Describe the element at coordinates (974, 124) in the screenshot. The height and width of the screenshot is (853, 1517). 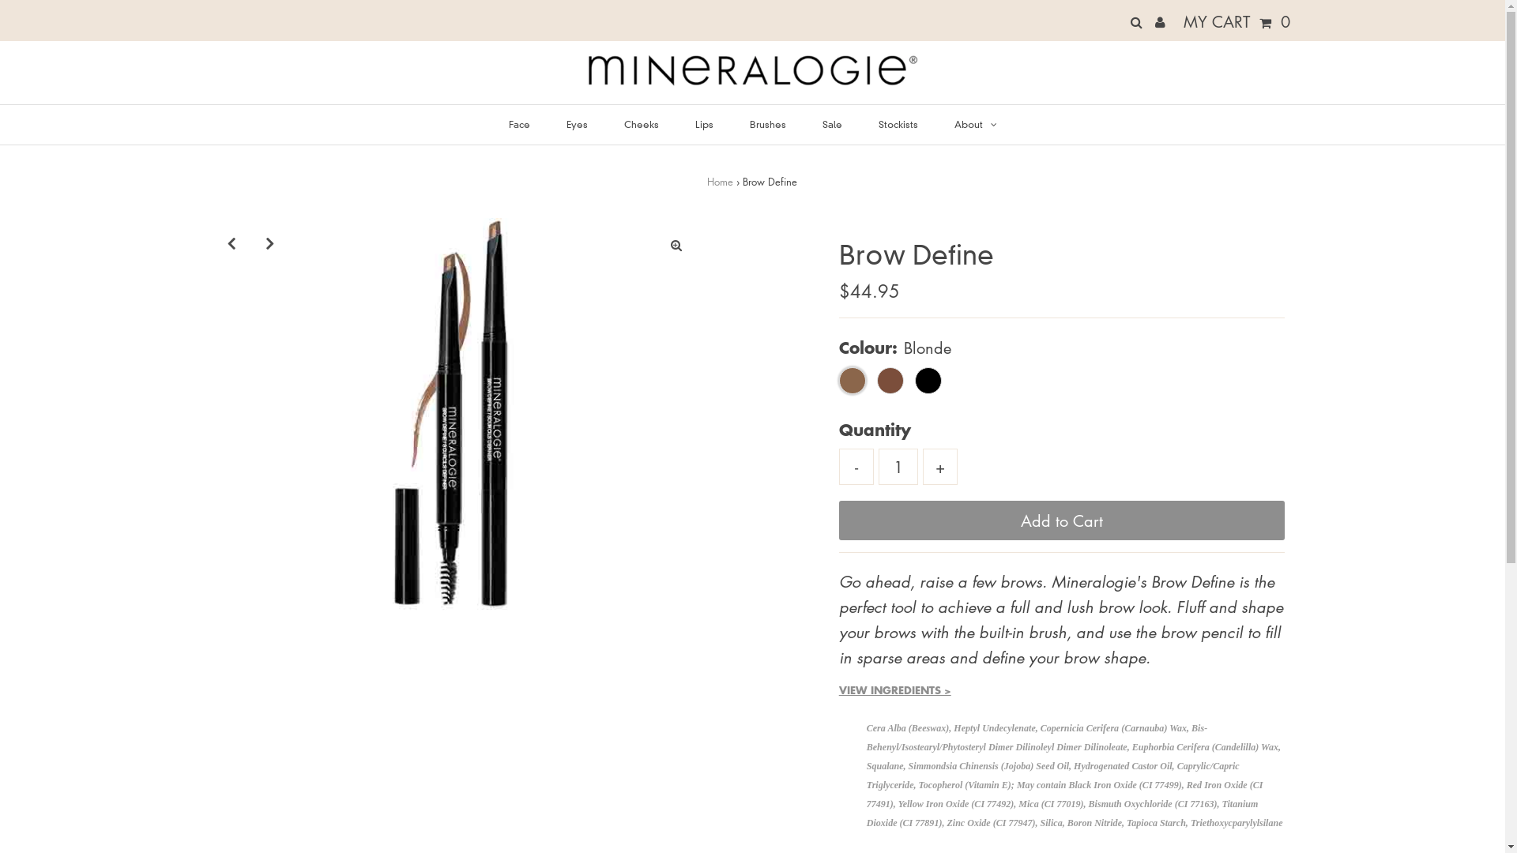
I see `'About'` at that location.